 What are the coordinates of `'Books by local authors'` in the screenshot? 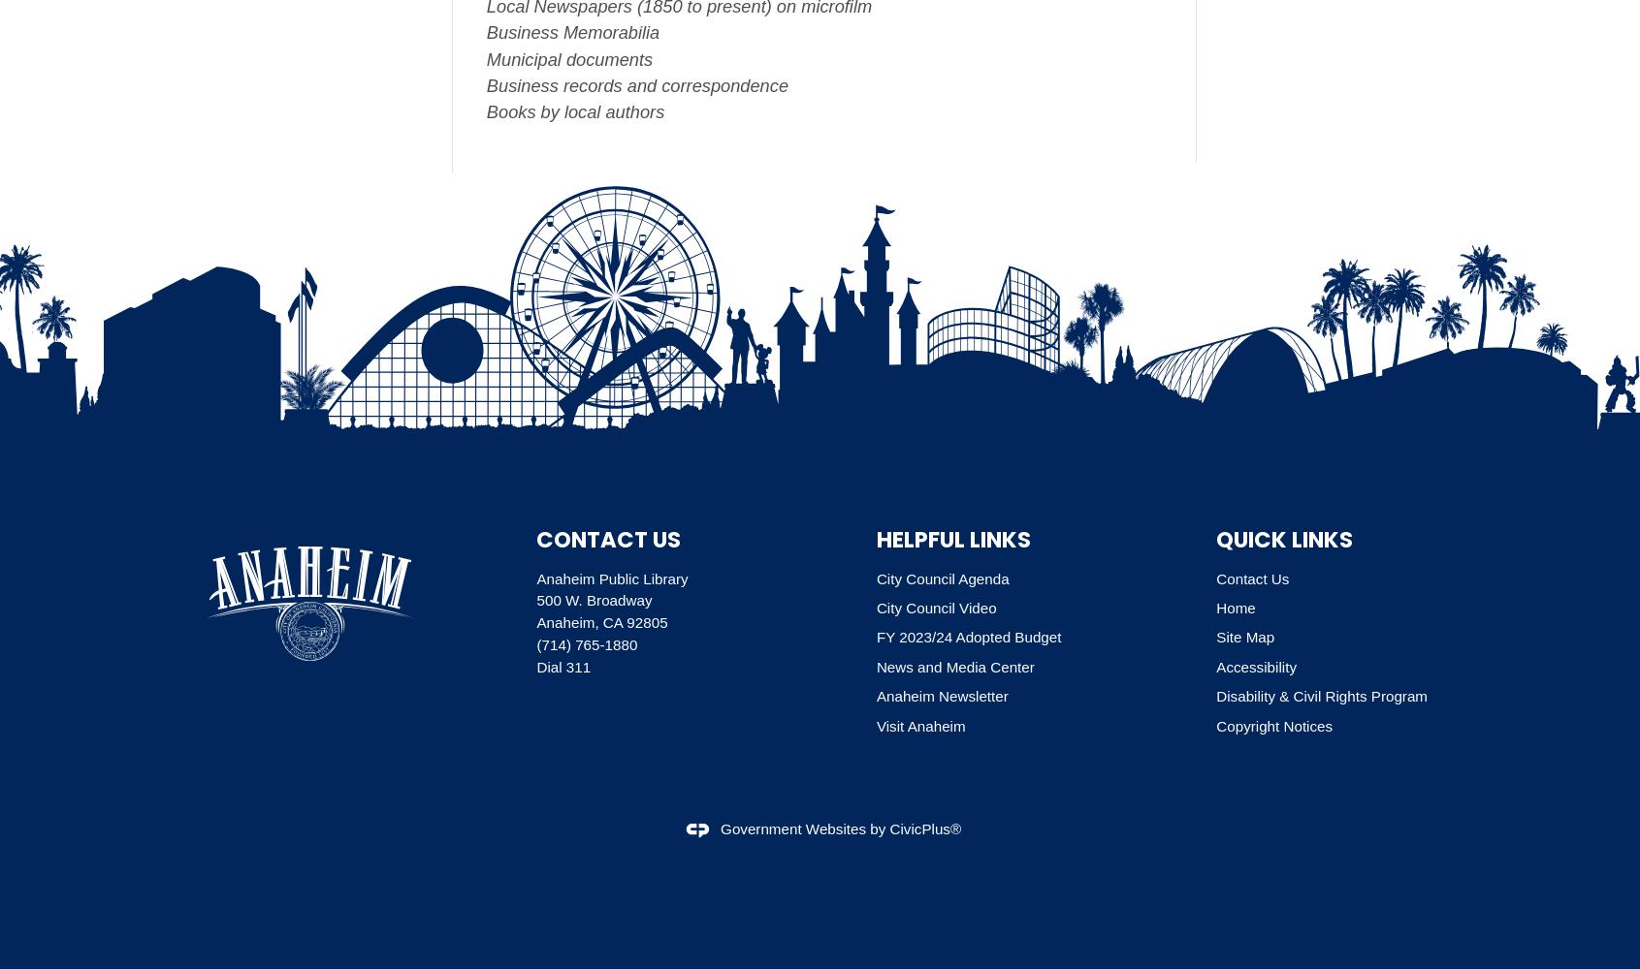 It's located at (485, 110).